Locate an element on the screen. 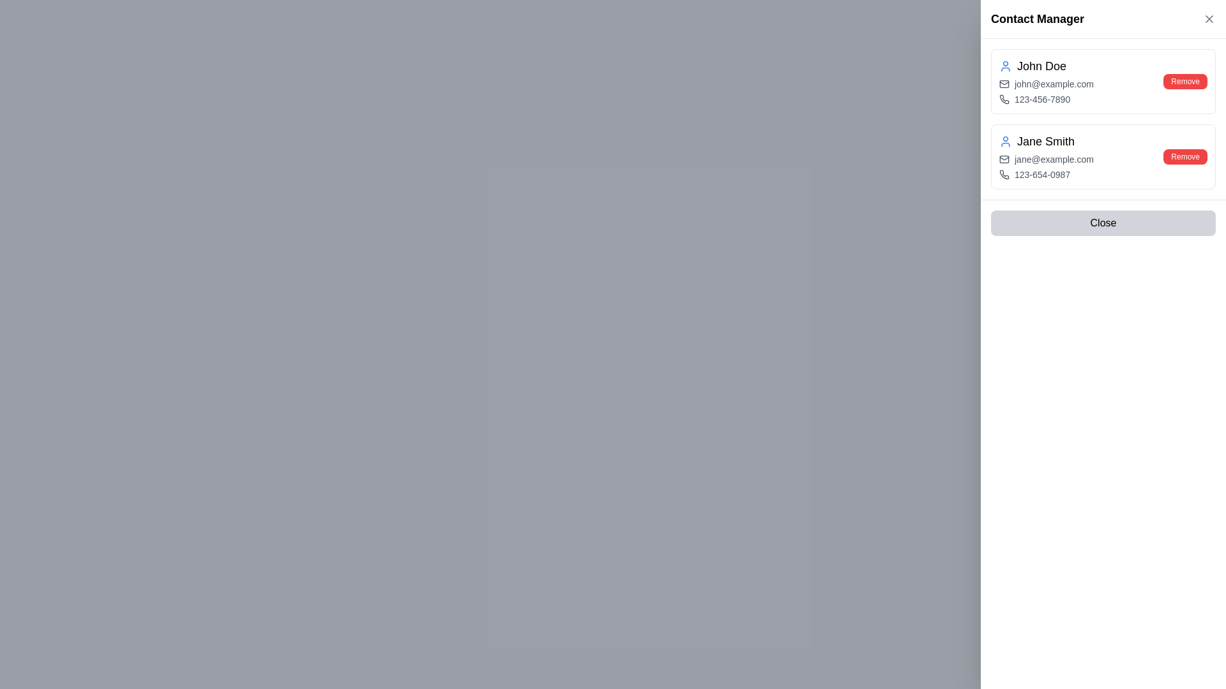 The image size is (1226, 689). phone number text '123-456-7890' displayed in gray color, accompanied by a phone receiver icon, located in the 'Contact Manager' panel for 'John Doe' is located at coordinates (1046, 98).